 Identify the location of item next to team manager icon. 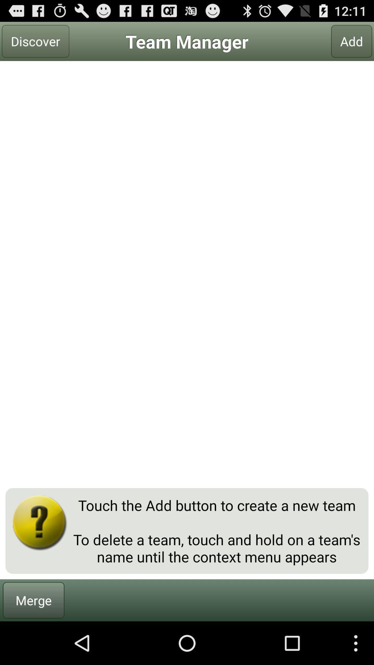
(35, 41).